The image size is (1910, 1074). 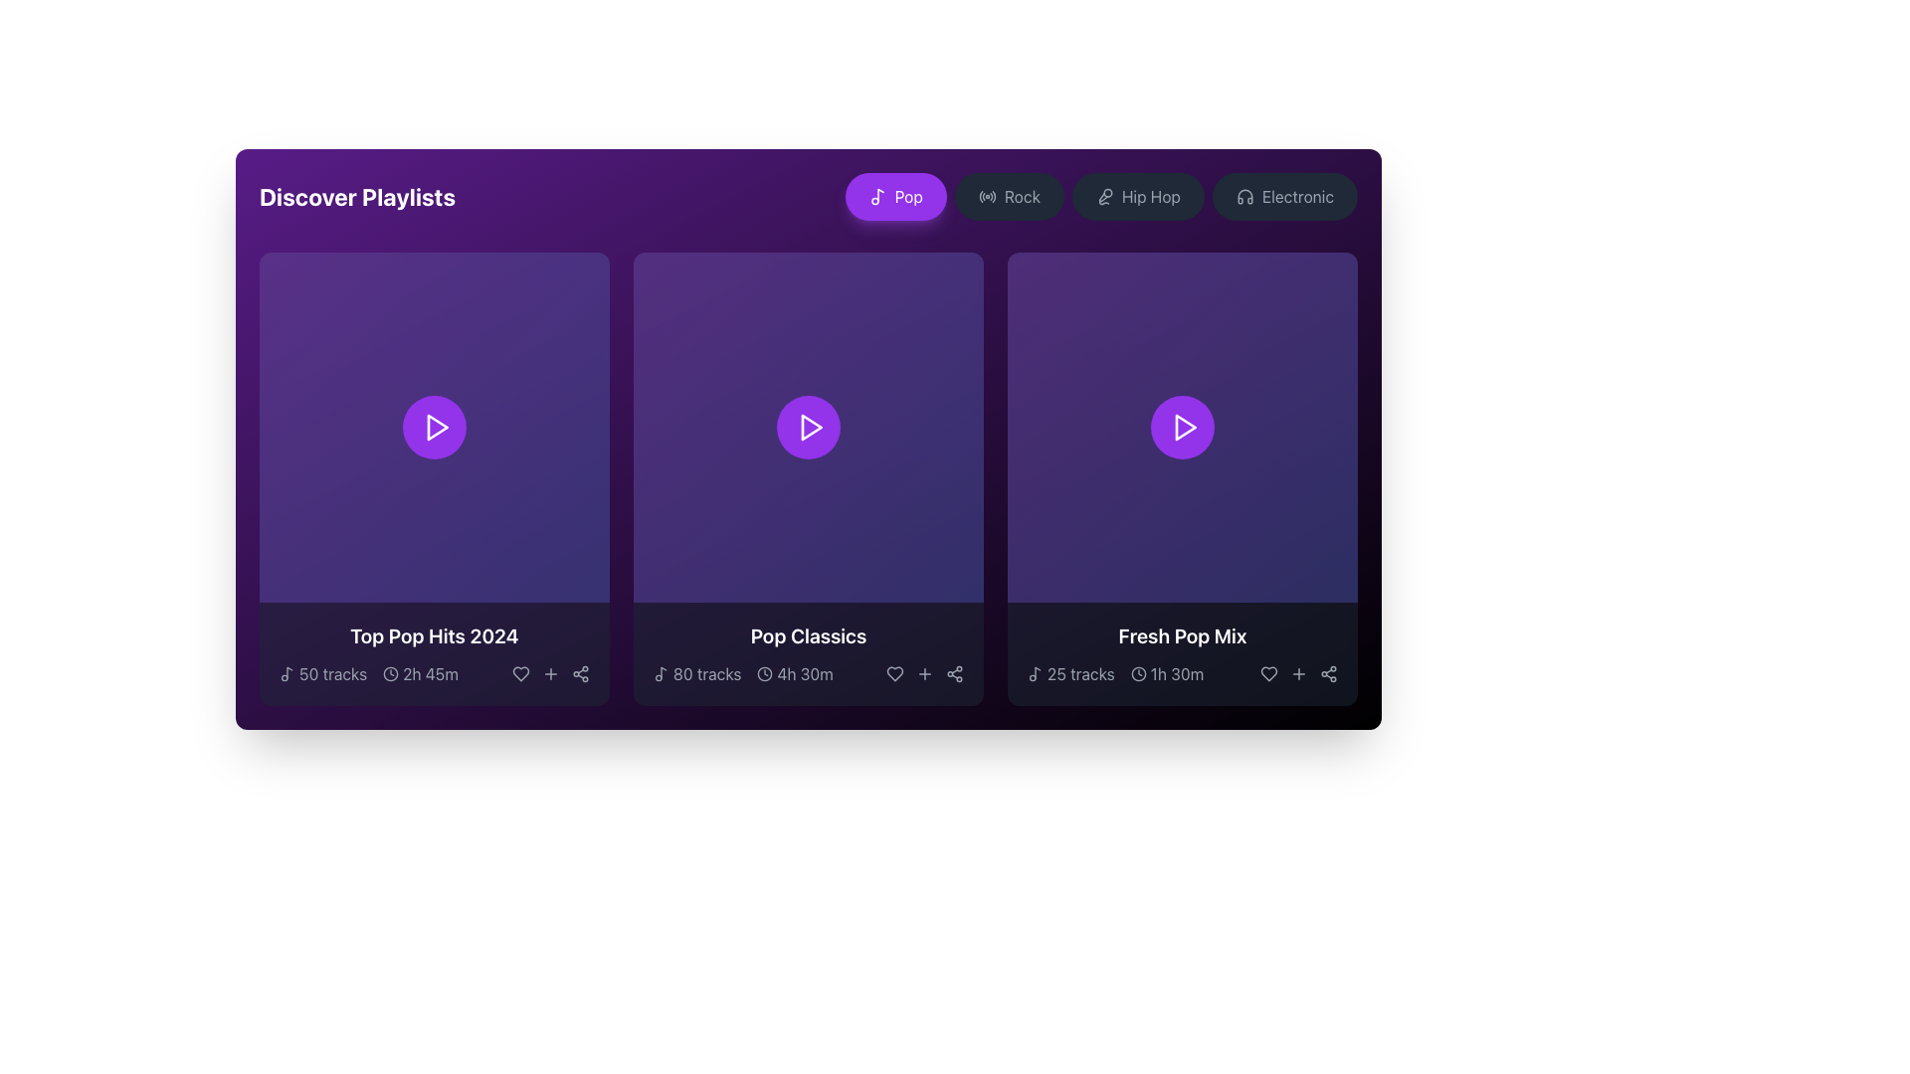 What do you see at coordinates (357, 196) in the screenshot?
I see `the heading or title text located in the purple header at the top-left corner of the interface, which serves as the title for the section showcasing playlists categorized by genre` at bounding box center [357, 196].